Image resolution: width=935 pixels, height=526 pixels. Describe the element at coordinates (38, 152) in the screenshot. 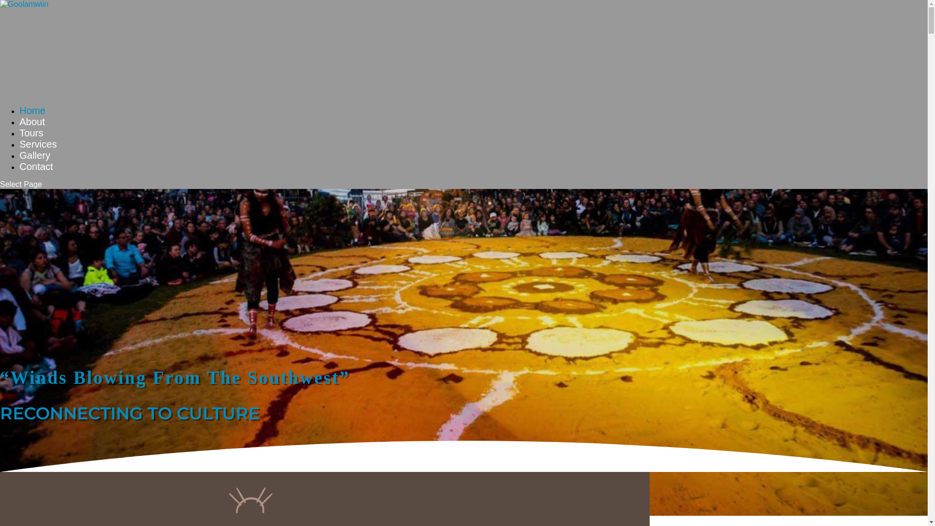

I see `'Services'` at that location.